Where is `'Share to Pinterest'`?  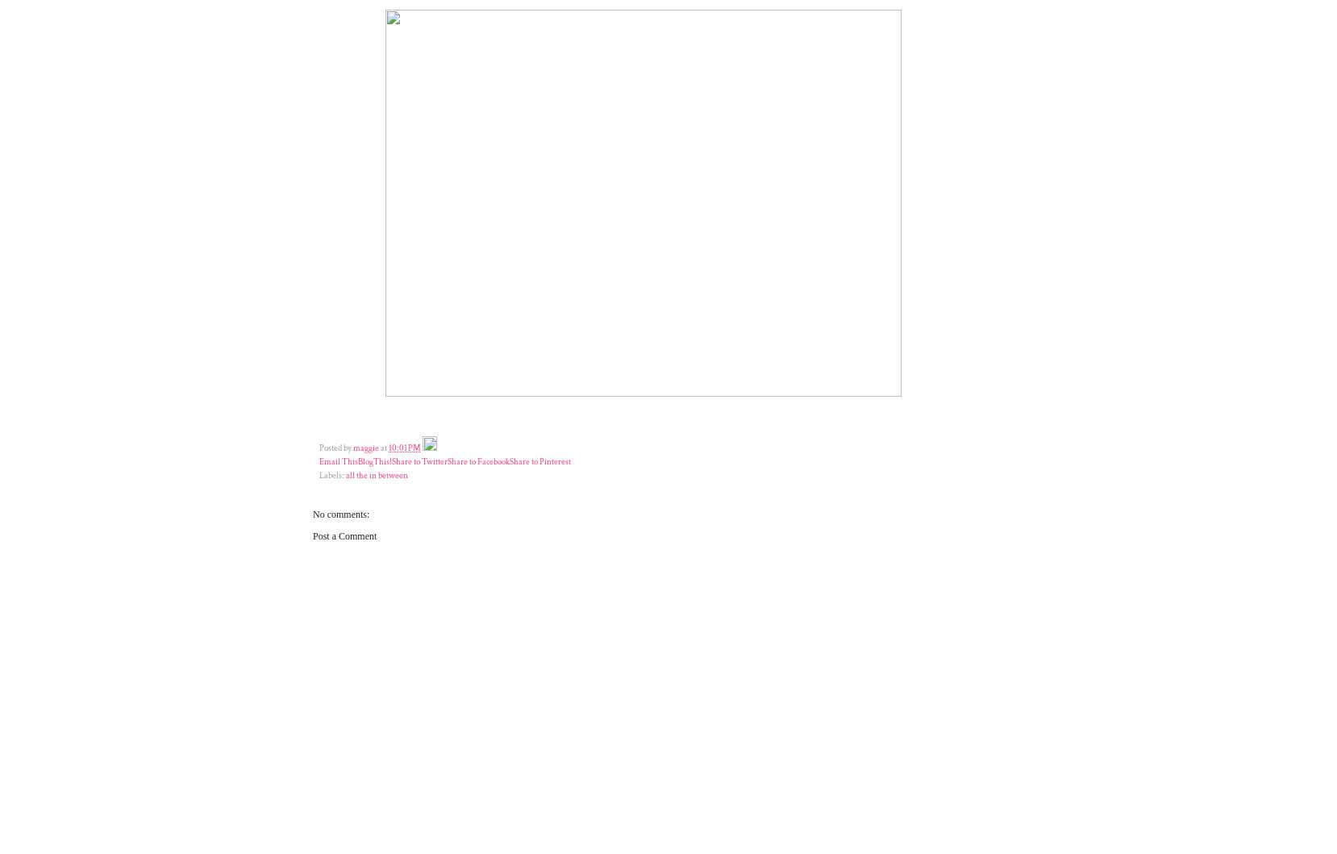
'Share to Pinterest' is located at coordinates (539, 461).